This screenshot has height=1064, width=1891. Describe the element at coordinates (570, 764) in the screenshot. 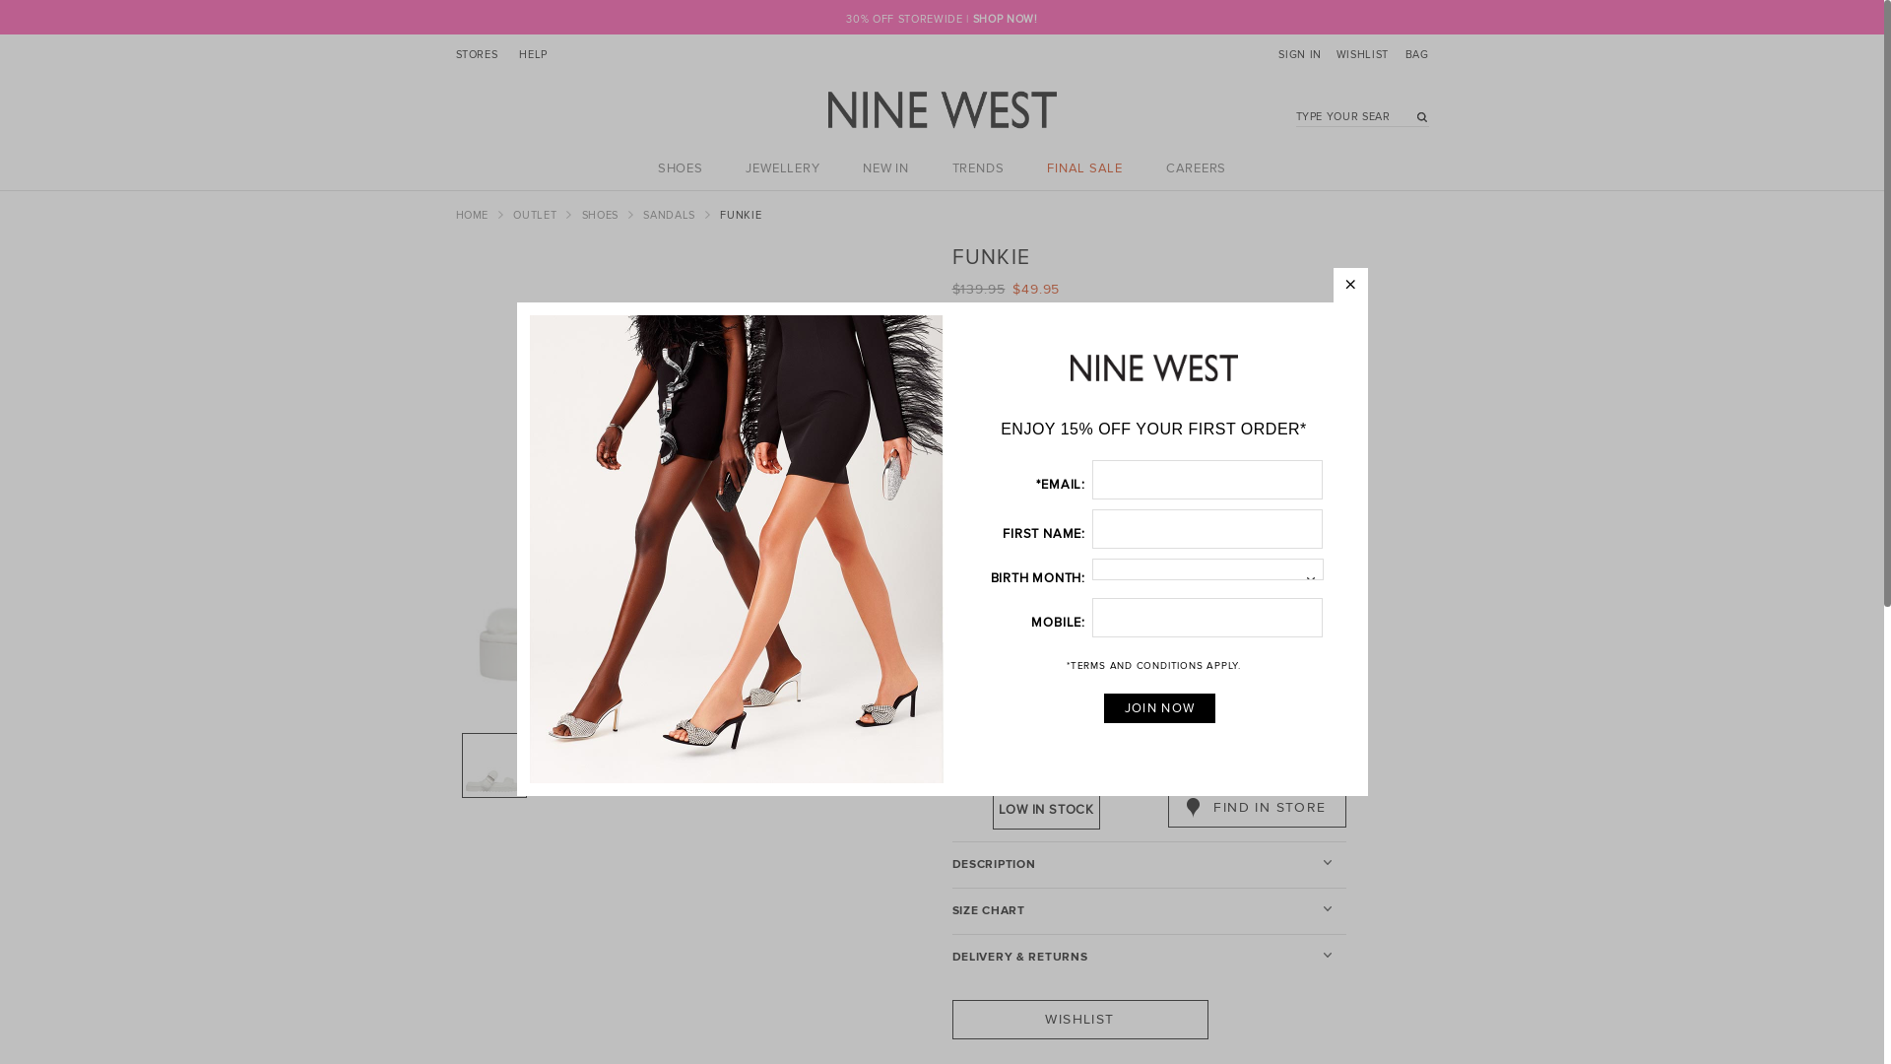

I see `'FUNKIE  IVORY'` at that location.